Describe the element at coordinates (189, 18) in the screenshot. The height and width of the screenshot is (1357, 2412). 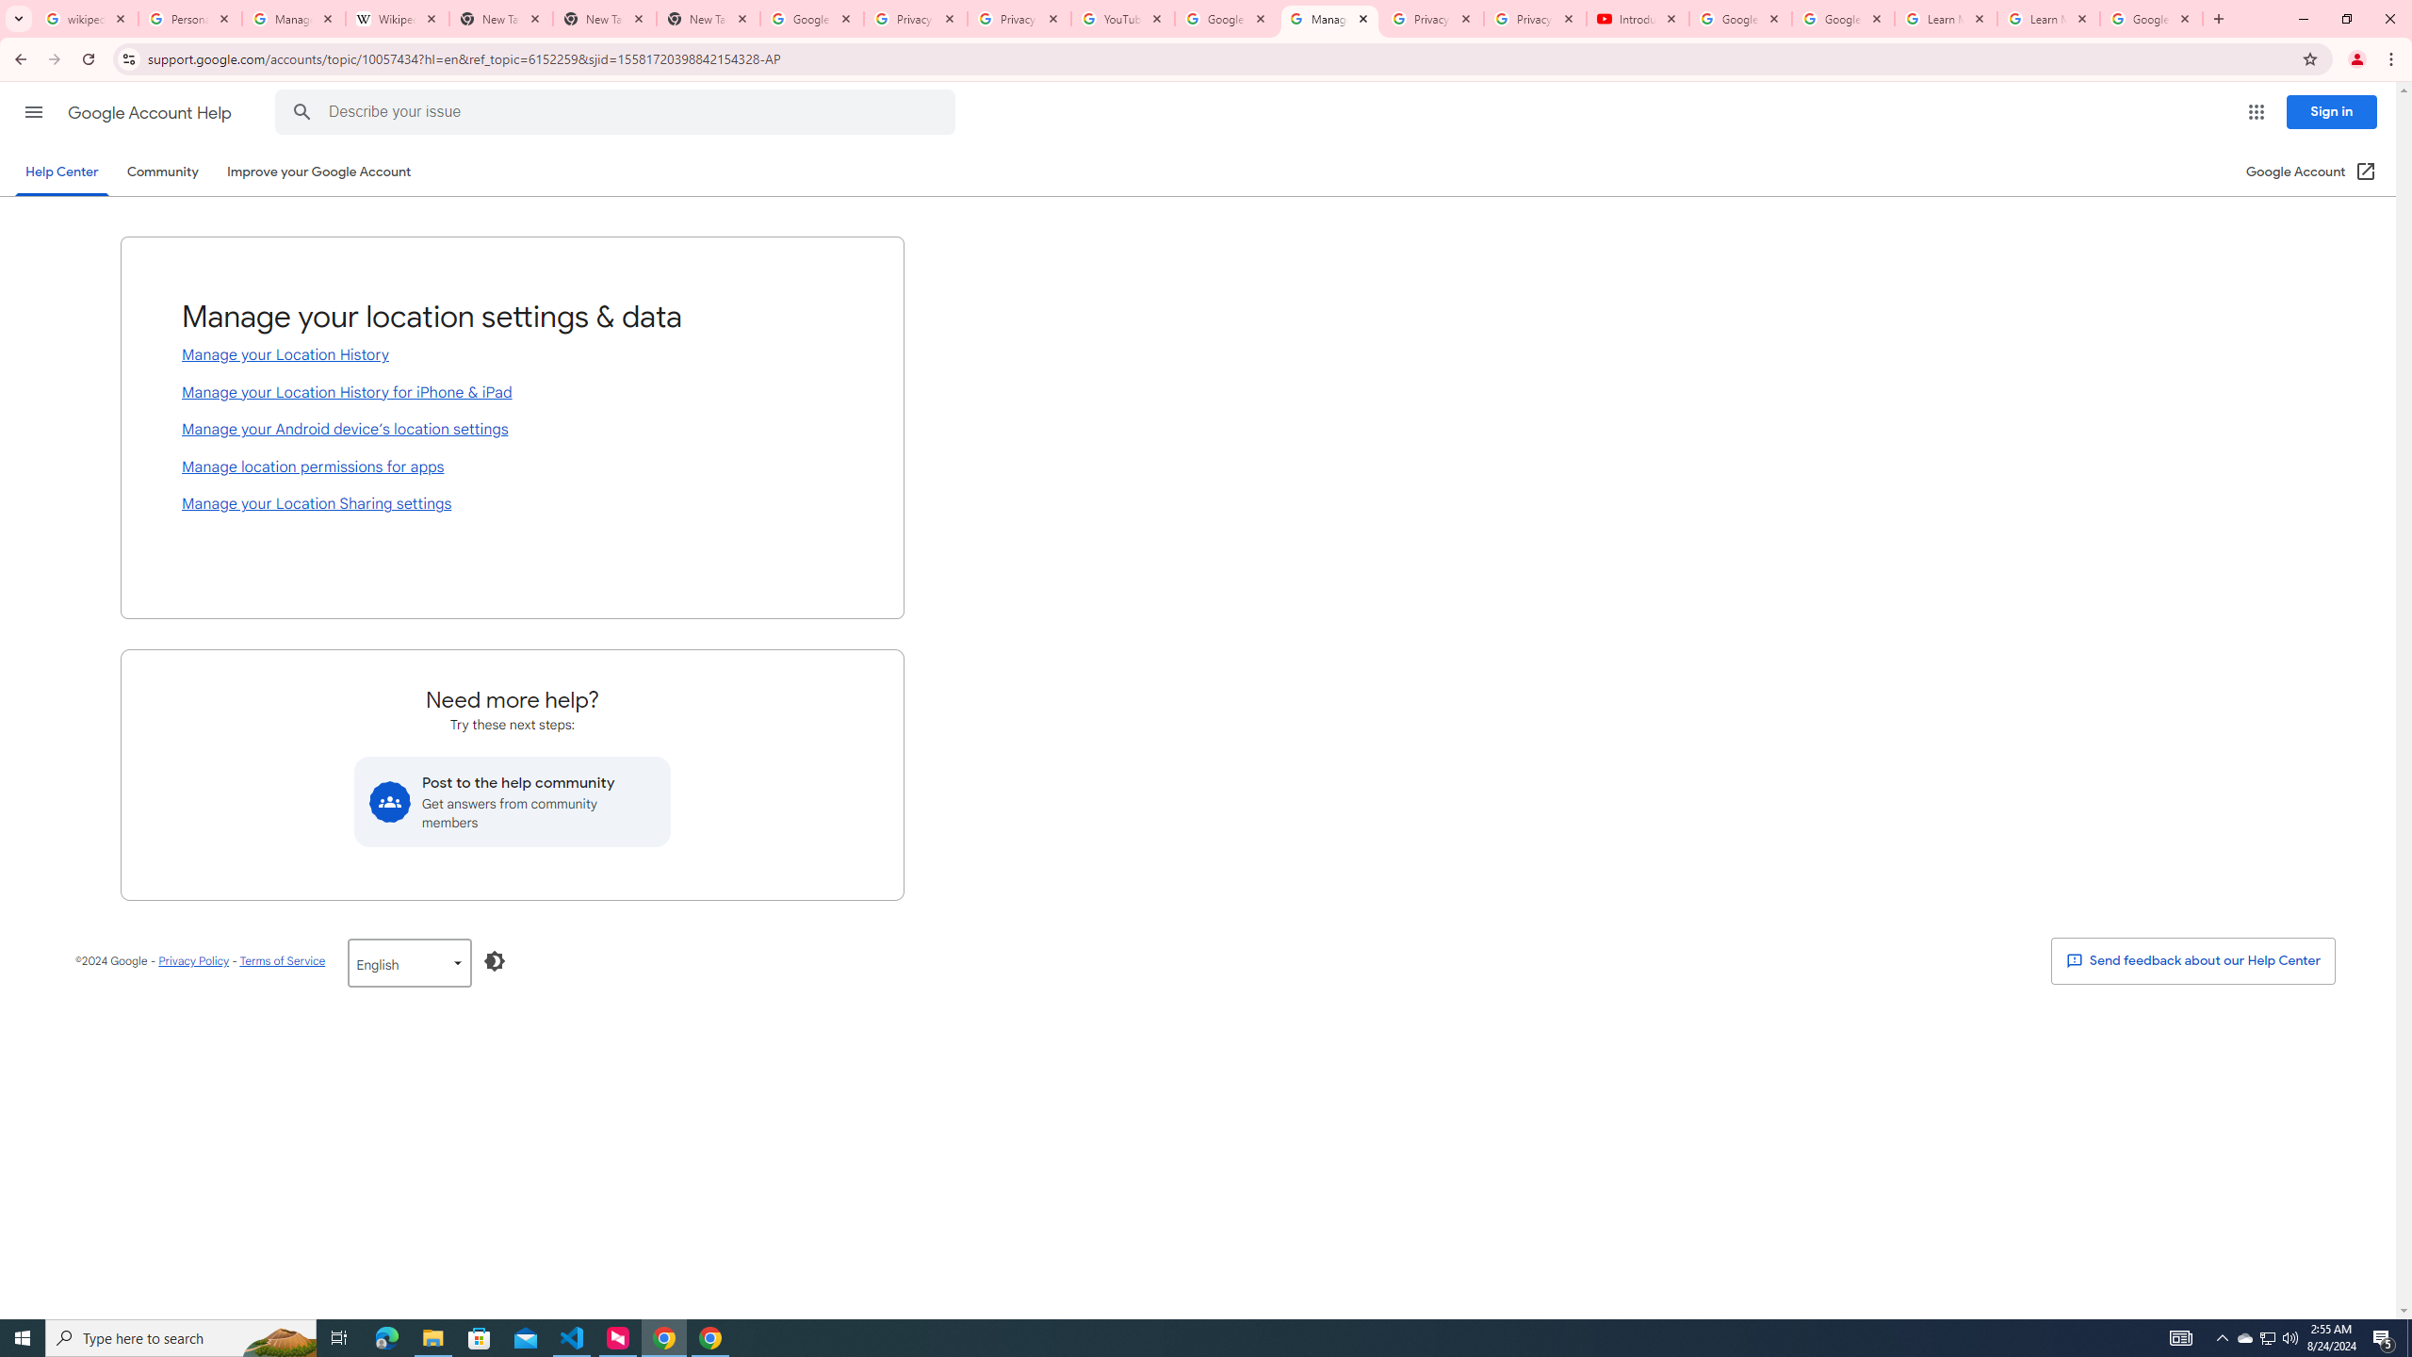
I see `'Personalization & Google Search results - Google Search Help'` at that location.